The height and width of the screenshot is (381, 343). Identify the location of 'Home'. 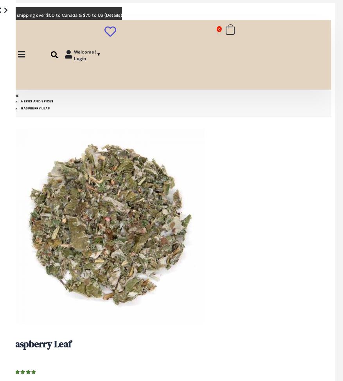
(13, 96).